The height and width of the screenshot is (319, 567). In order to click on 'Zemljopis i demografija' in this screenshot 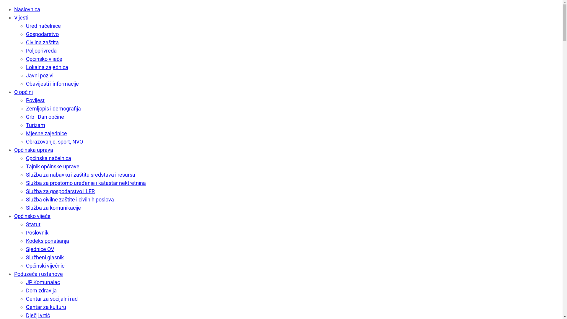, I will do `click(53, 108)`.